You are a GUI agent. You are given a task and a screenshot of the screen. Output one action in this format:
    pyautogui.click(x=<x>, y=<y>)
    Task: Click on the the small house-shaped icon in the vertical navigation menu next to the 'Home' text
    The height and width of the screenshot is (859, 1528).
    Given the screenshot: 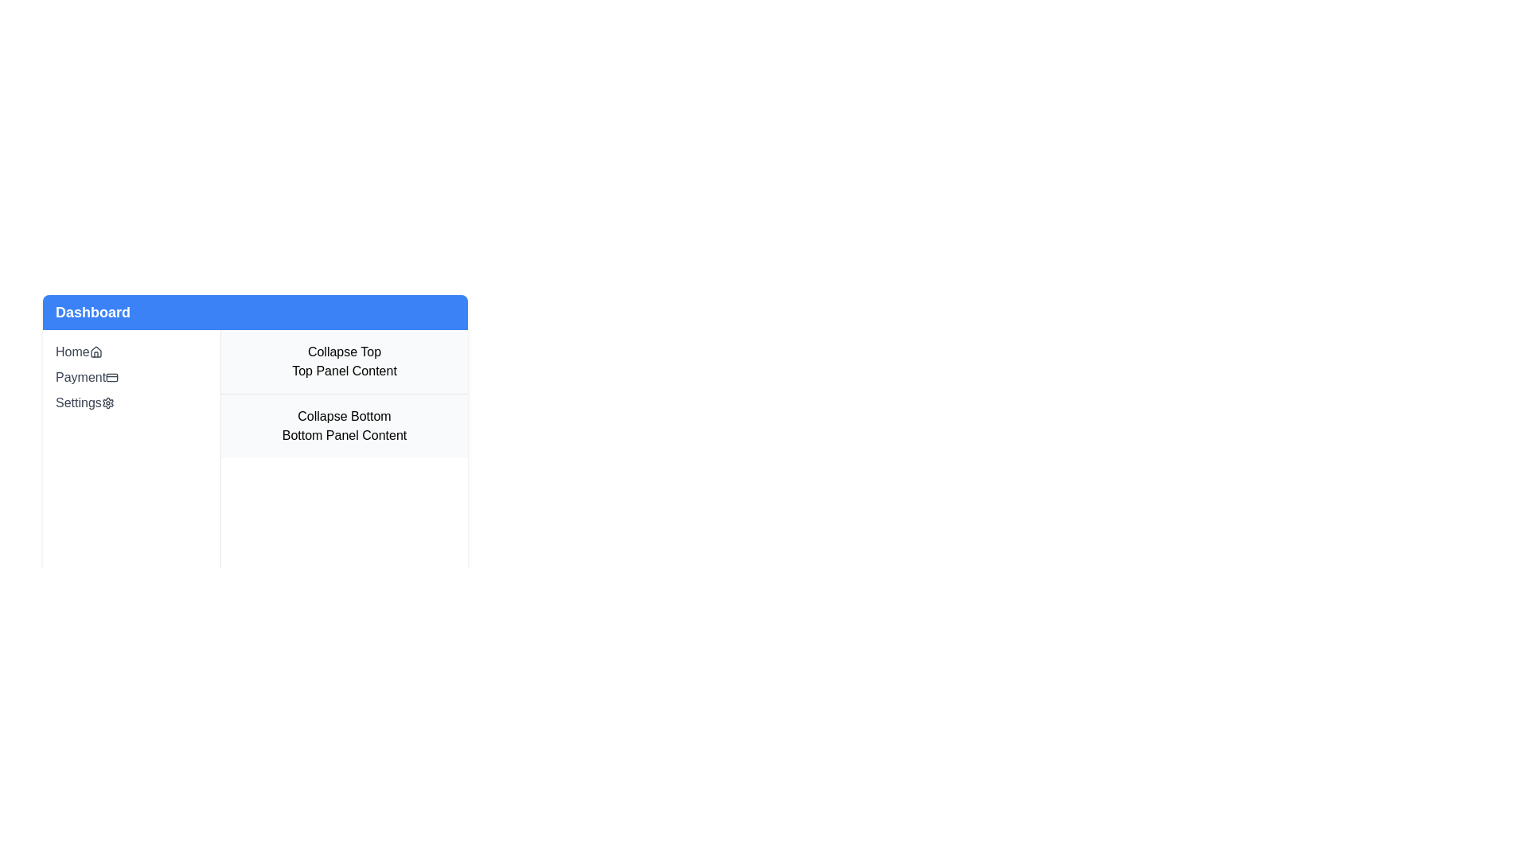 What is the action you would take?
    pyautogui.click(x=95, y=352)
    